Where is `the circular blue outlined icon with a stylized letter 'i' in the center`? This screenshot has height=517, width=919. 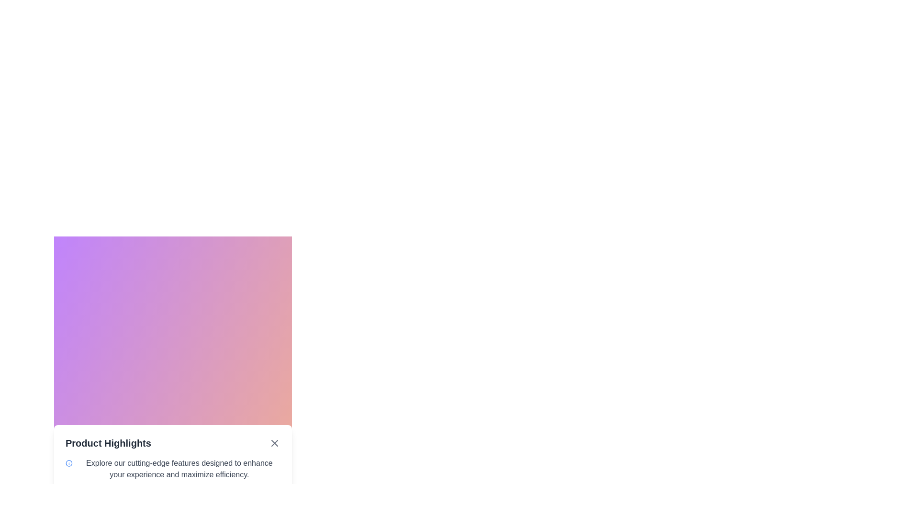 the circular blue outlined icon with a stylized letter 'i' in the center is located at coordinates (68, 463).